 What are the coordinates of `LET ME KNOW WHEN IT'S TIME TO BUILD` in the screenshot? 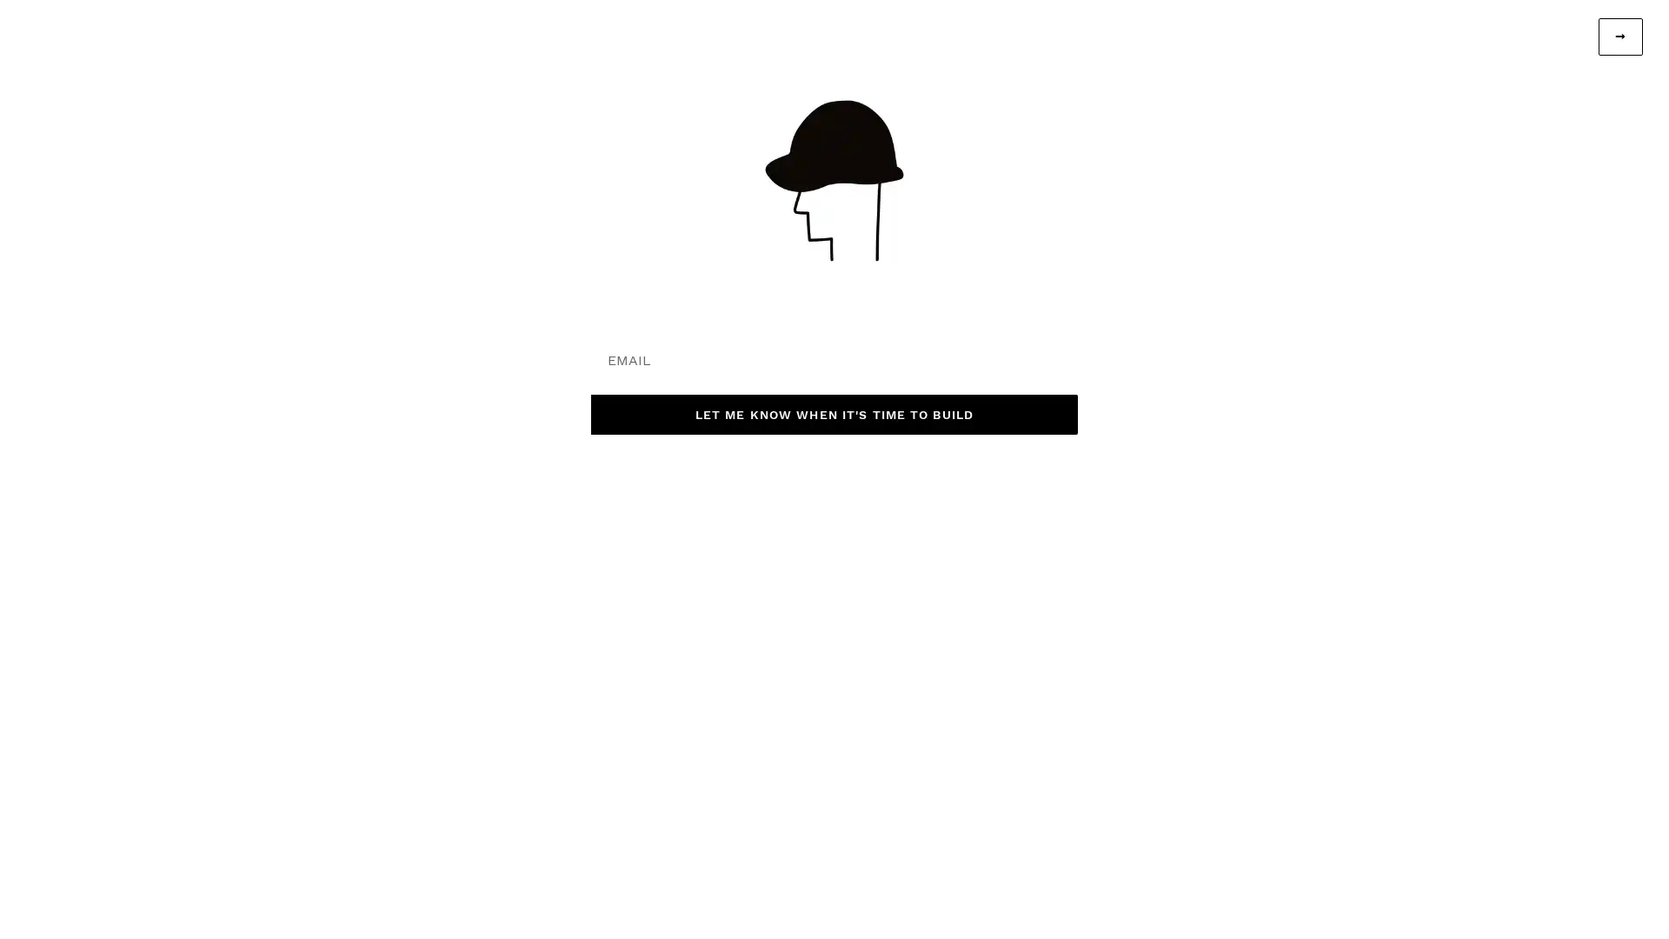 It's located at (834, 415).